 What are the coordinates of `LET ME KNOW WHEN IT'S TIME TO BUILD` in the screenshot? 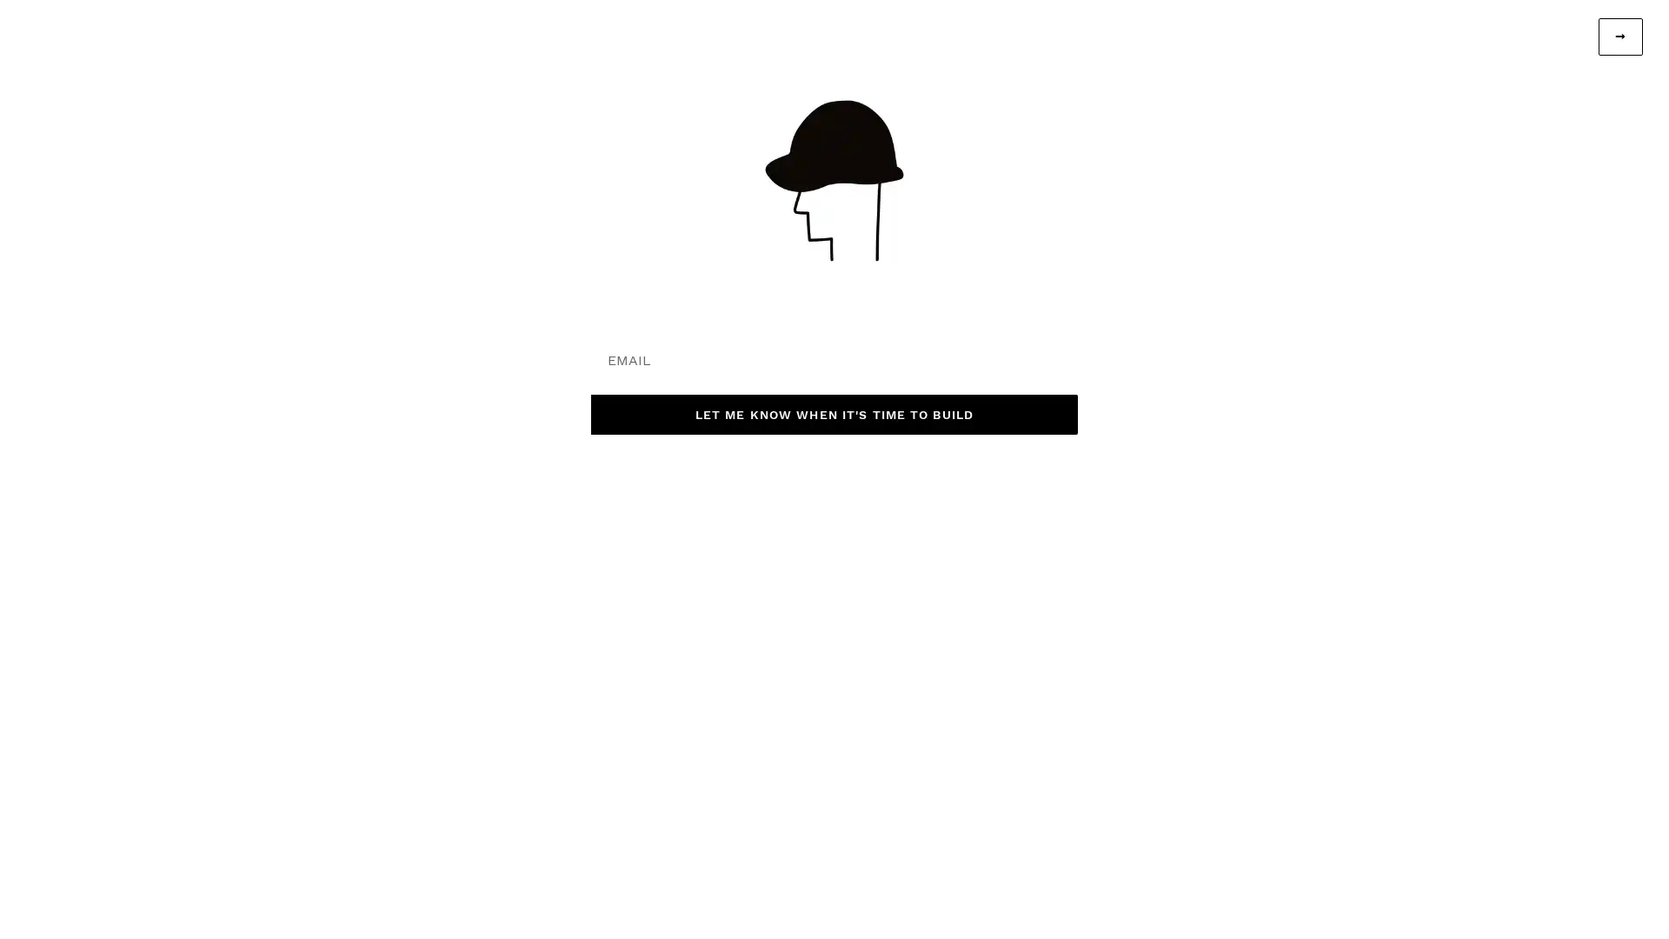 It's located at (834, 415).